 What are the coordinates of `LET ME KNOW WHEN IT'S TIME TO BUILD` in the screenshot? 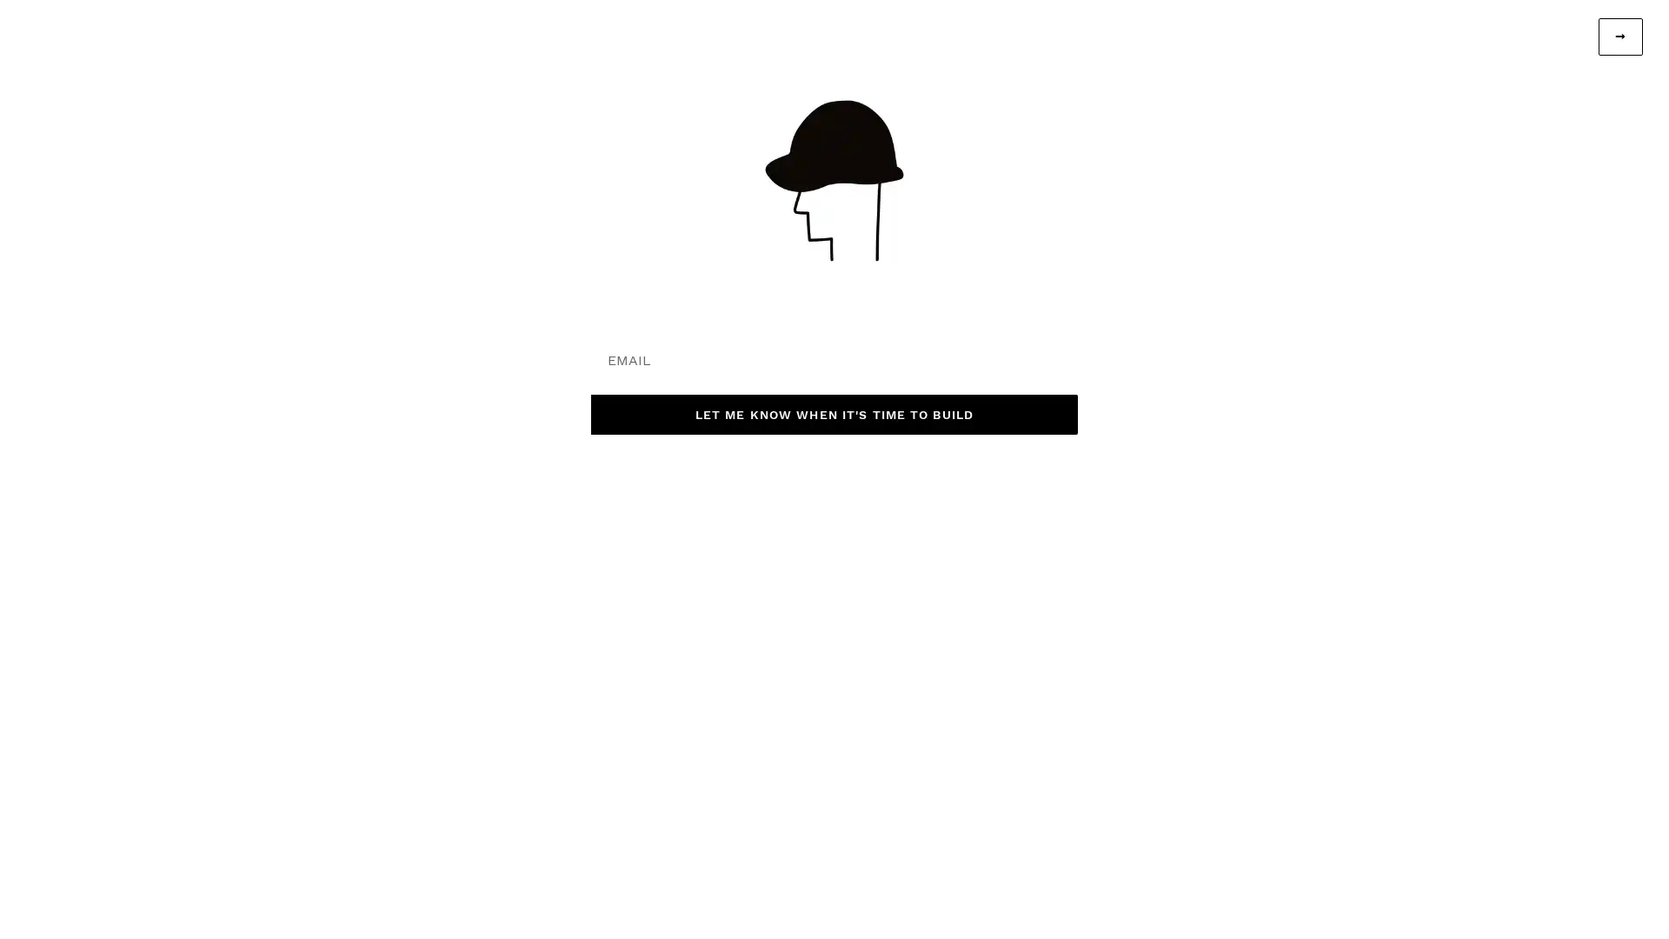 It's located at (834, 415).